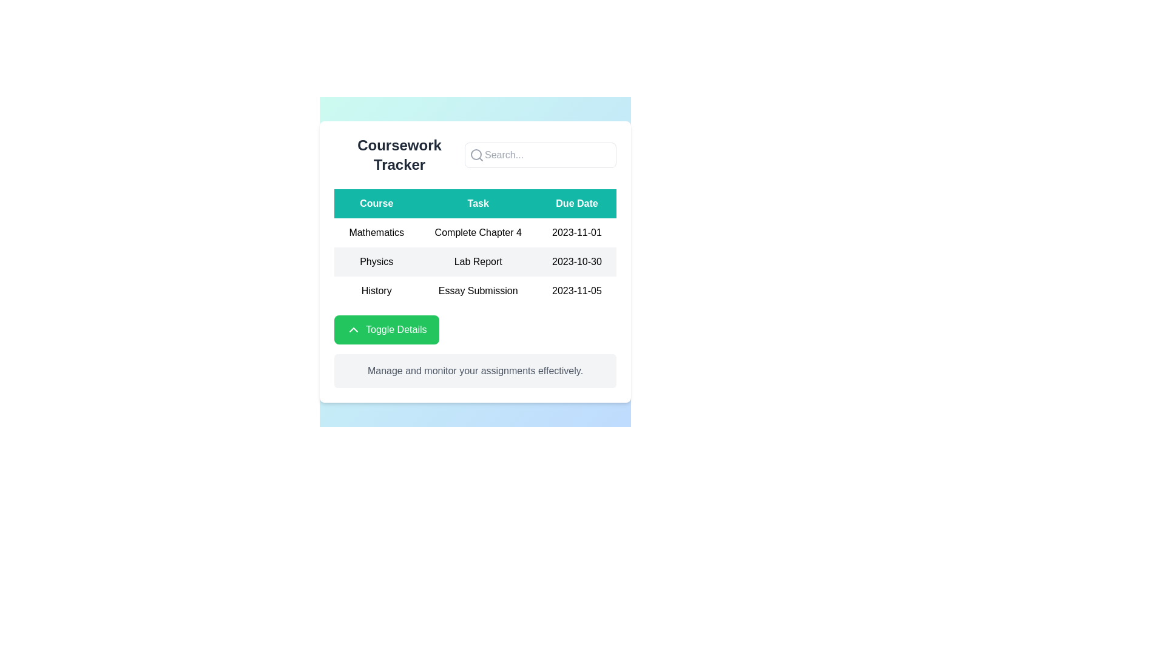 Image resolution: width=1165 pixels, height=655 pixels. Describe the element at coordinates (478, 291) in the screenshot. I see `the text label representing the task associated with 'History' in the coursework tracker, located in the second column of its row` at that location.